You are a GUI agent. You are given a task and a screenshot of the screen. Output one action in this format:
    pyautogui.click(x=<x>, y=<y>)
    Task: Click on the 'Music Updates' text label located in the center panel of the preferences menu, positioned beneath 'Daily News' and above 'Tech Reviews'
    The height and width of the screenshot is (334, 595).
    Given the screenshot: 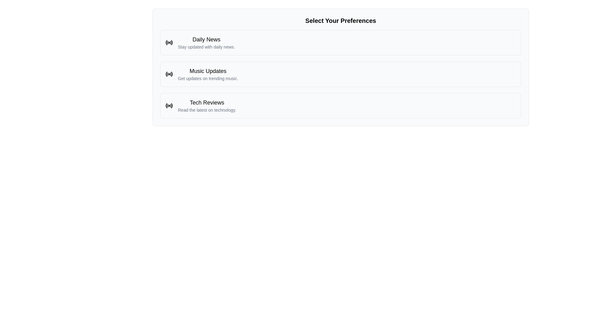 What is the action you would take?
    pyautogui.click(x=208, y=71)
    